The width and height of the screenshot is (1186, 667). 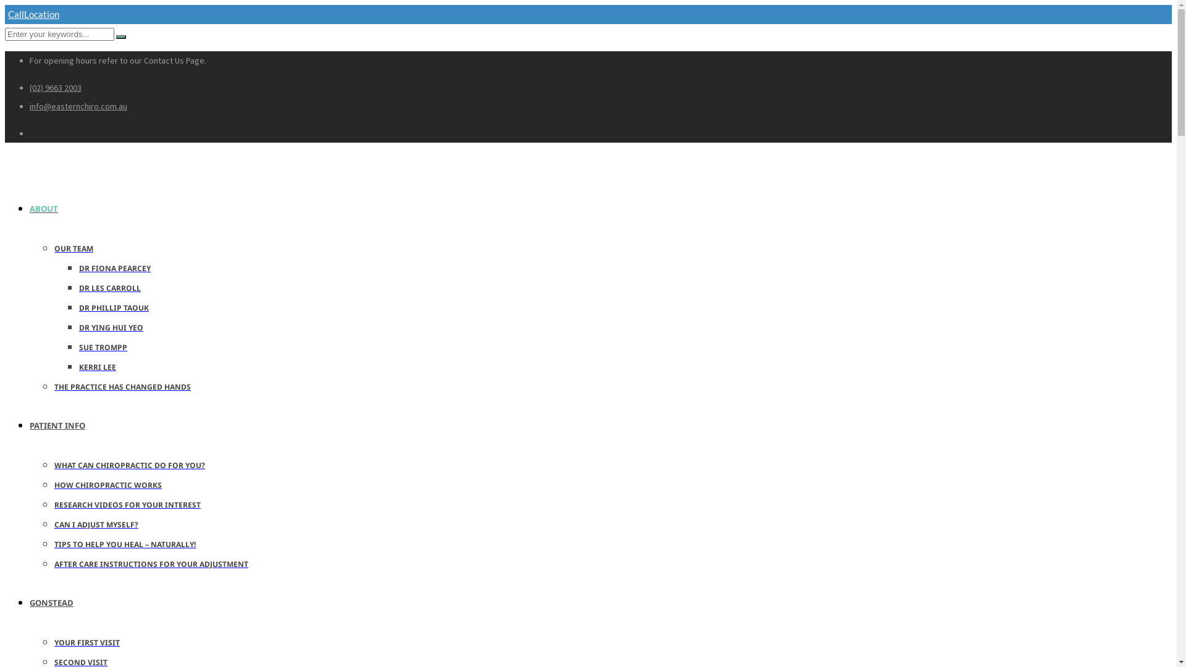 What do you see at coordinates (53, 465) in the screenshot?
I see `'WHAT CAN CHIROPRACTIC DO FOR YOU?'` at bounding box center [53, 465].